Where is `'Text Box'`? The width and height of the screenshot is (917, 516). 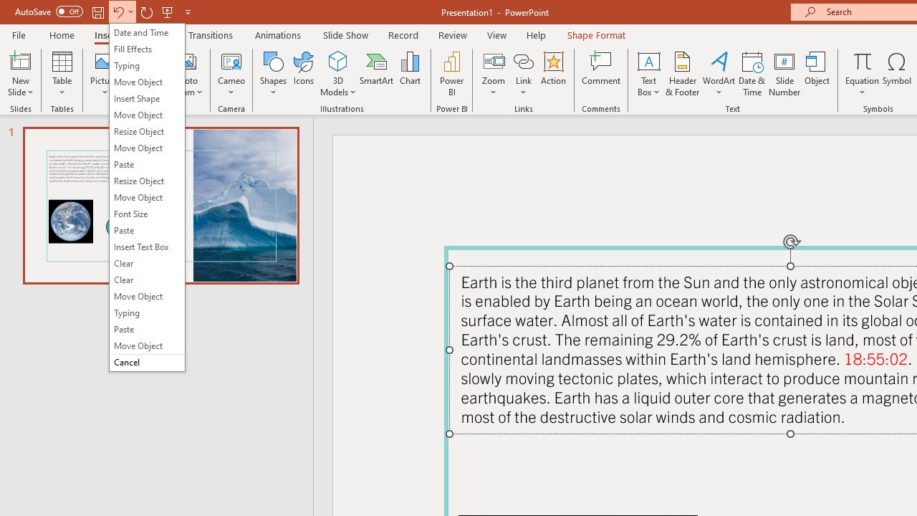 'Text Box' is located at coordinates (648, 74).